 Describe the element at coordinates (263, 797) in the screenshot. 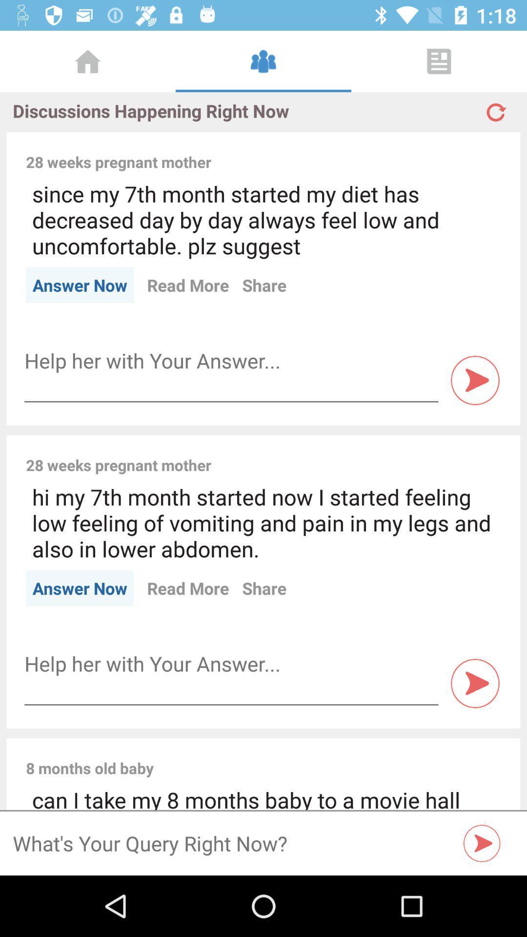

I see `can i take` at that location.